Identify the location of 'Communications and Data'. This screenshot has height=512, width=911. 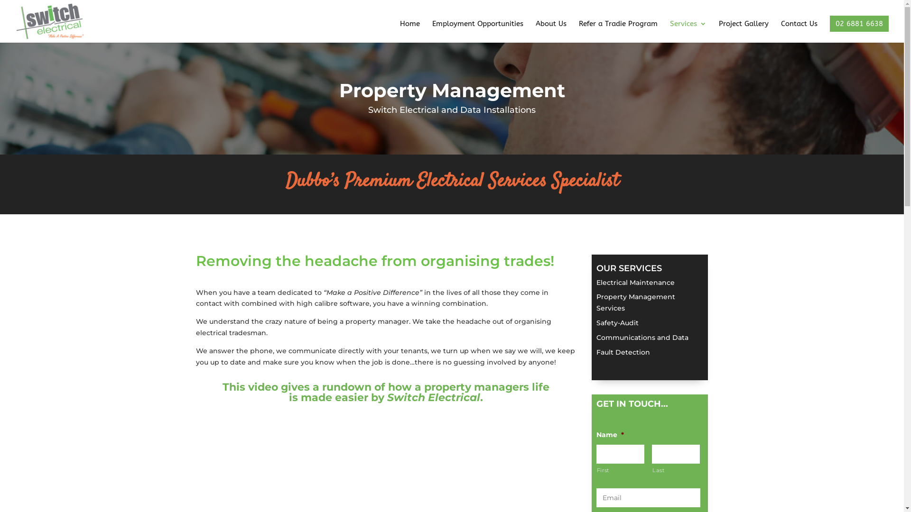
(596, 337).